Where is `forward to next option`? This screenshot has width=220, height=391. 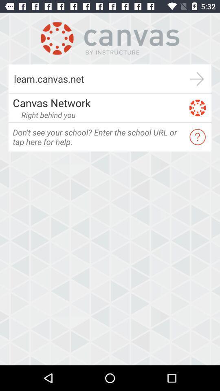 forward to next option is located at coordinates (196, 79).